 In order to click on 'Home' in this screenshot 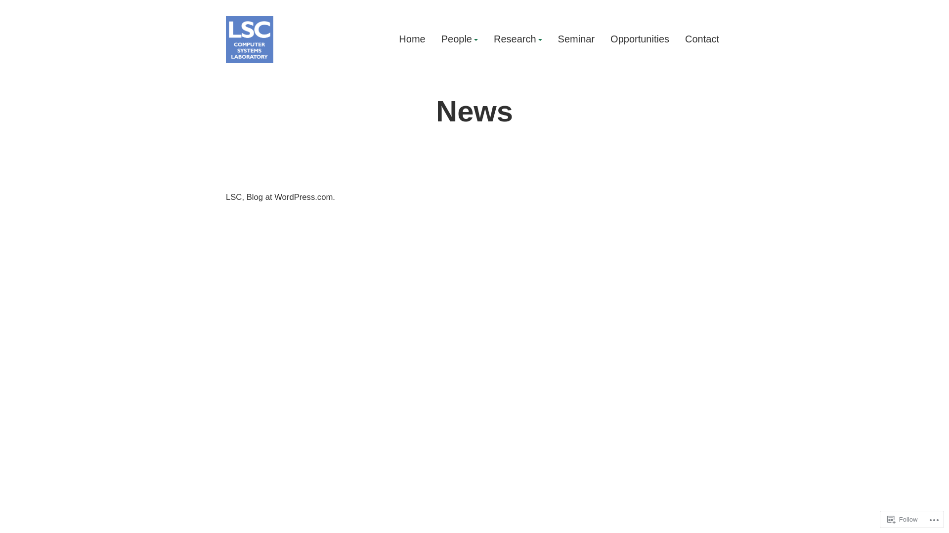, I will do `click(412, 39)`.